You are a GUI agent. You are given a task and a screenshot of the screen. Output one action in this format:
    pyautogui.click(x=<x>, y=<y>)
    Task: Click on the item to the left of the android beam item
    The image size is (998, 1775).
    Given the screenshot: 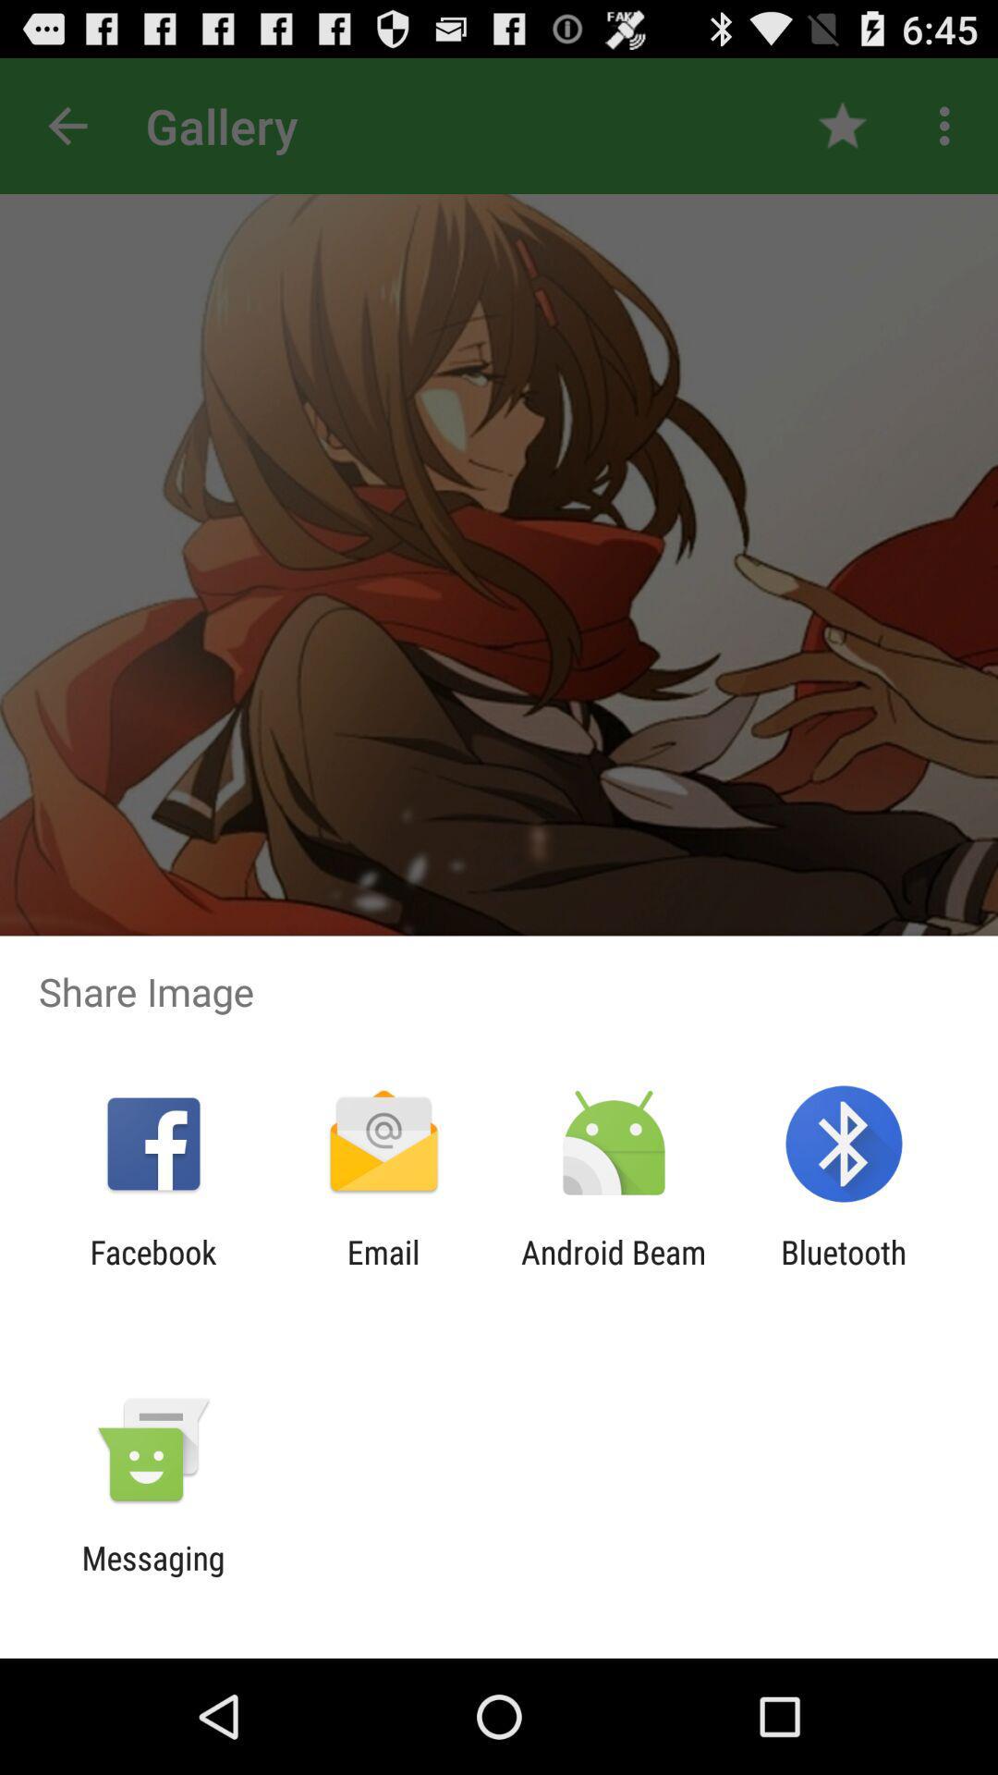 What is the action you would take?
    pyautogui.click(x=383, y=1270)
    